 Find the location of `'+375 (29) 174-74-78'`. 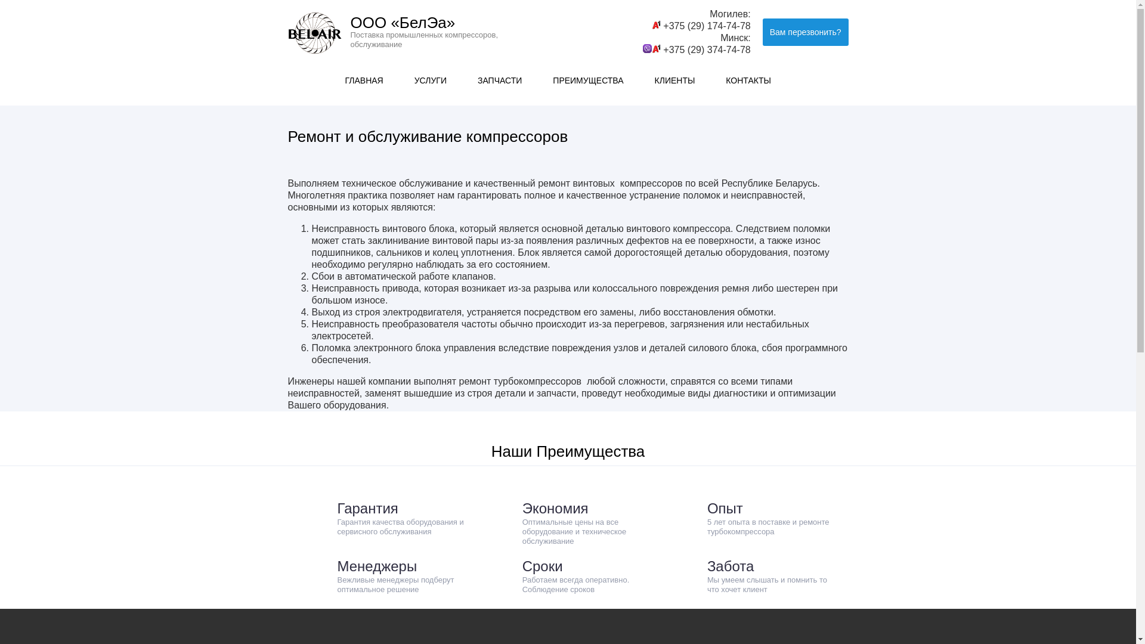

'+375 (29) 174-74-78' is located at coordinates (707, 26).